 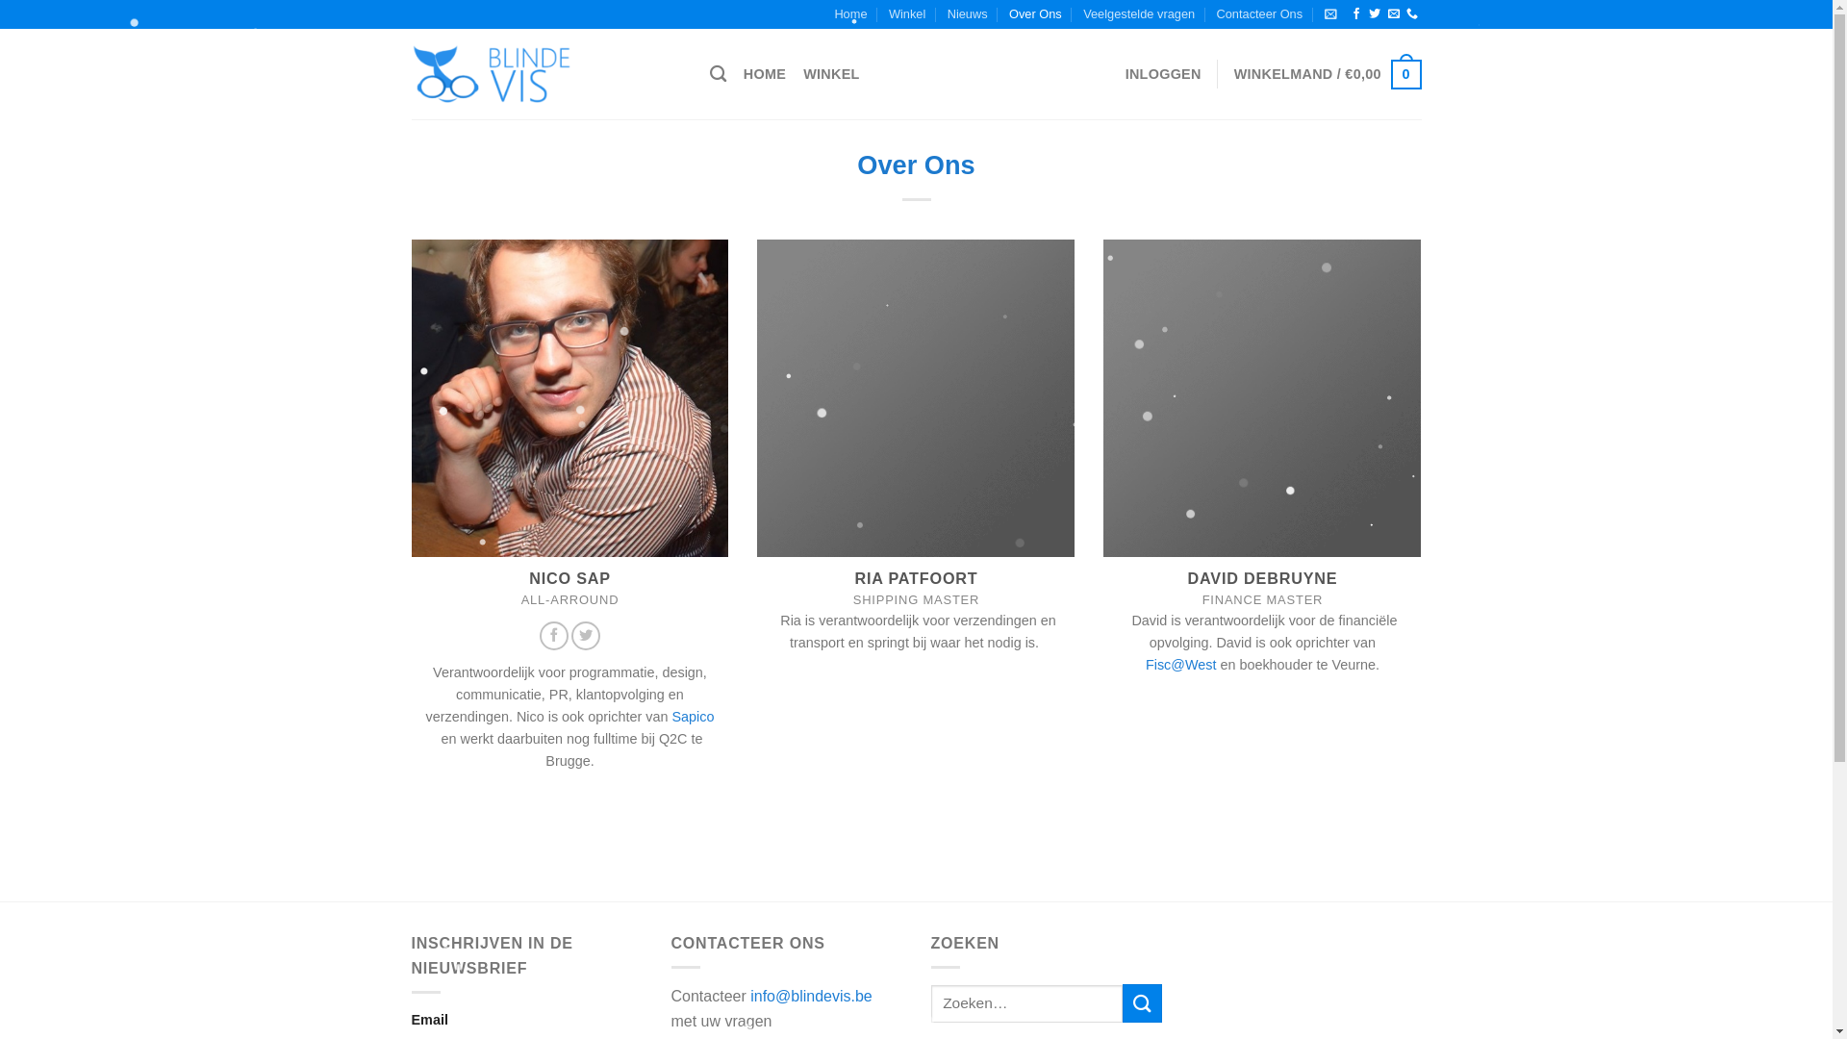 What do you see at coordinates (1083, 14) in the screenshot?
I see `'Veelgestelde vragen'` at bounding box center [1083, 14].